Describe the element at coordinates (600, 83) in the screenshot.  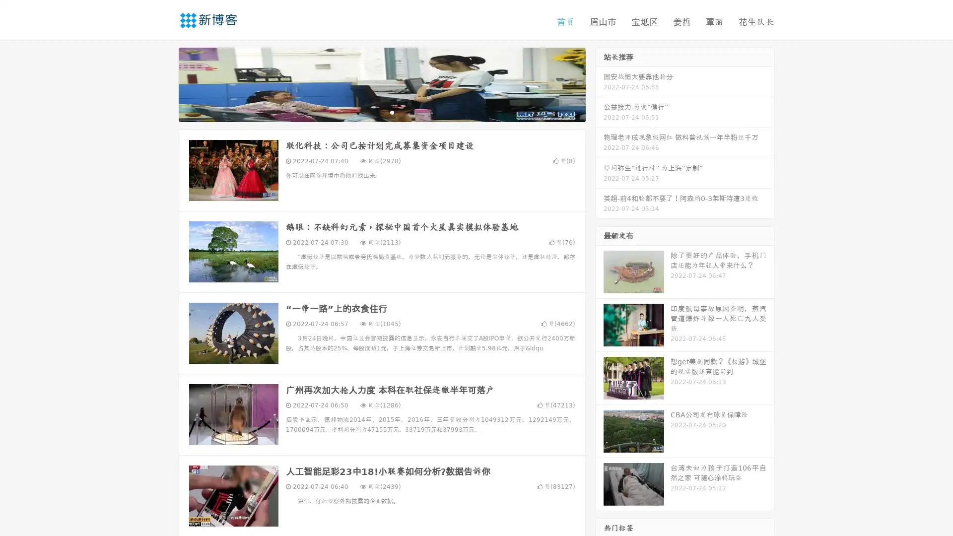
I see `Next slide` at that location.